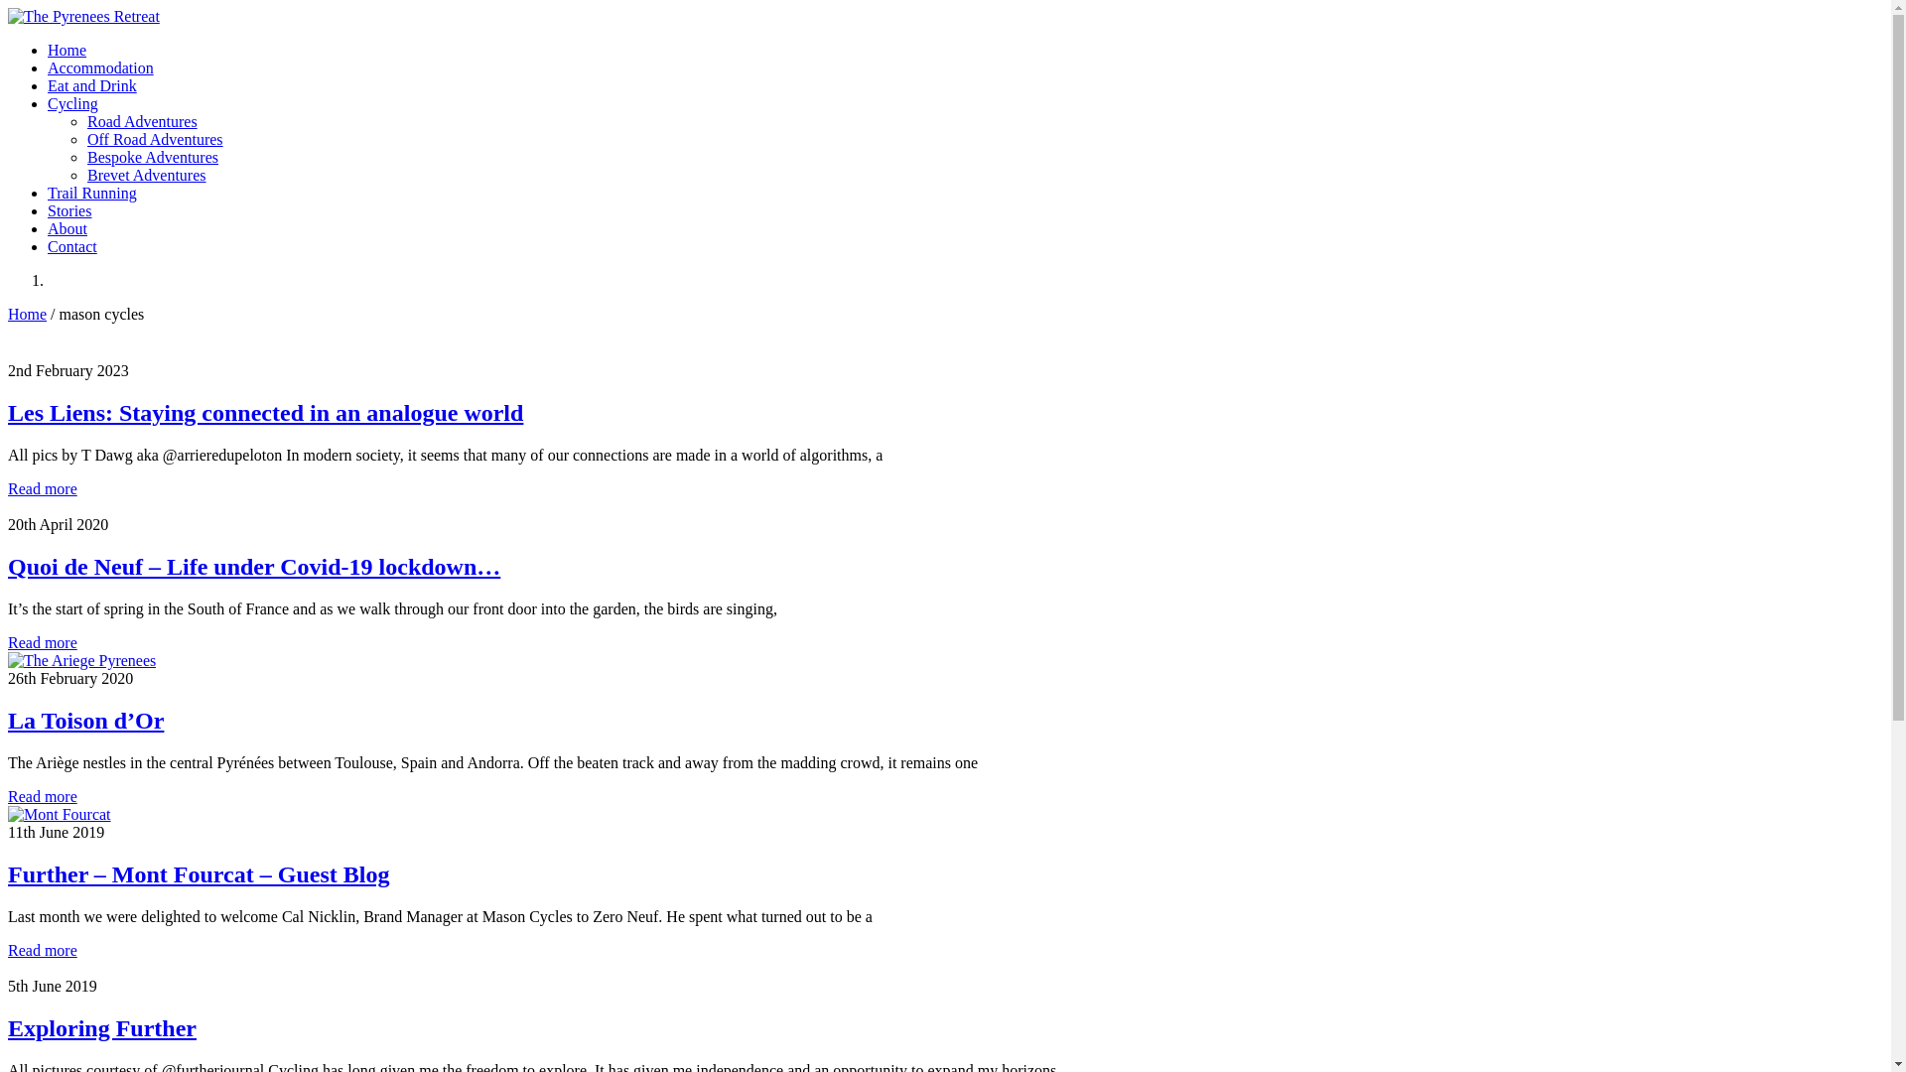  Describe the element at coordinates (48, 67) in the screenshot. I see `'Accommodation'` at that location.